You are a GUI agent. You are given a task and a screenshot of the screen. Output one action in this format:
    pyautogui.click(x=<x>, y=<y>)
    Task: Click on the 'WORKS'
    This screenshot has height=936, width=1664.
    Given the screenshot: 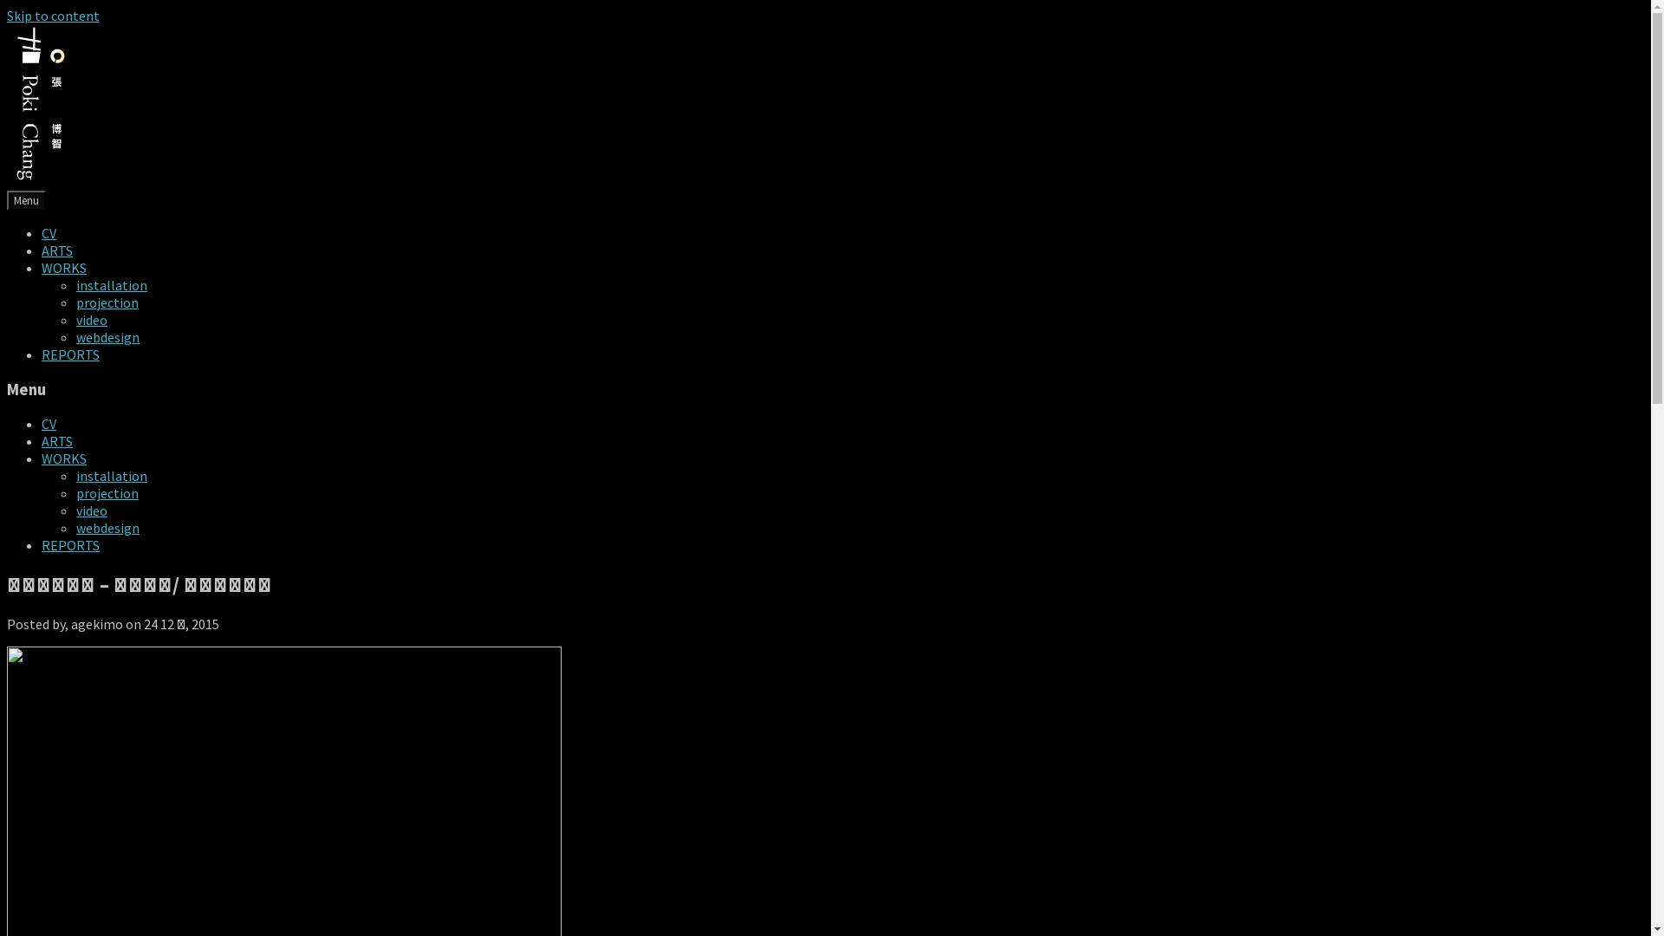 What is the action you would take?
    pyautogui.click(x=63, y=267)
    